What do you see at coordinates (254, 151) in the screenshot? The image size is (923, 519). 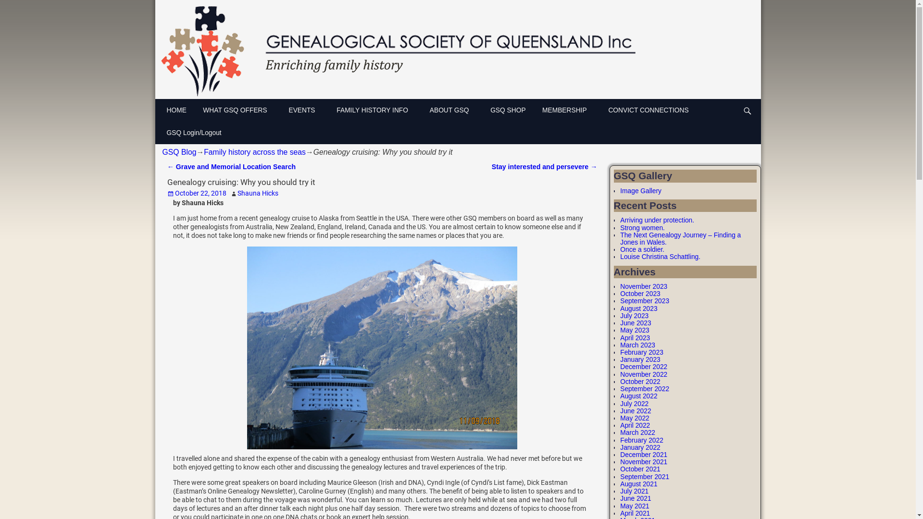 I see `'Family history across the seas'` at bounding box center [254, 151].